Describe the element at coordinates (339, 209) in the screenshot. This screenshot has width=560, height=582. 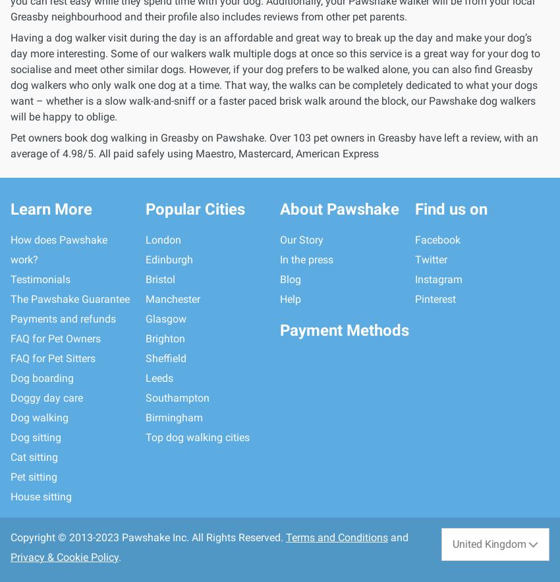
I see `'About Pawshake'` at that location.